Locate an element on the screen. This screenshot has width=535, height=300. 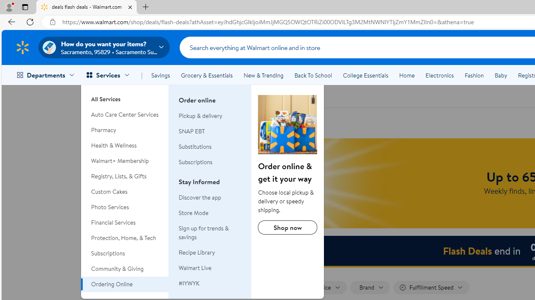
'Filter by Fulfillment Speed not applied, activate to change' is located at coordinates (431, 287).